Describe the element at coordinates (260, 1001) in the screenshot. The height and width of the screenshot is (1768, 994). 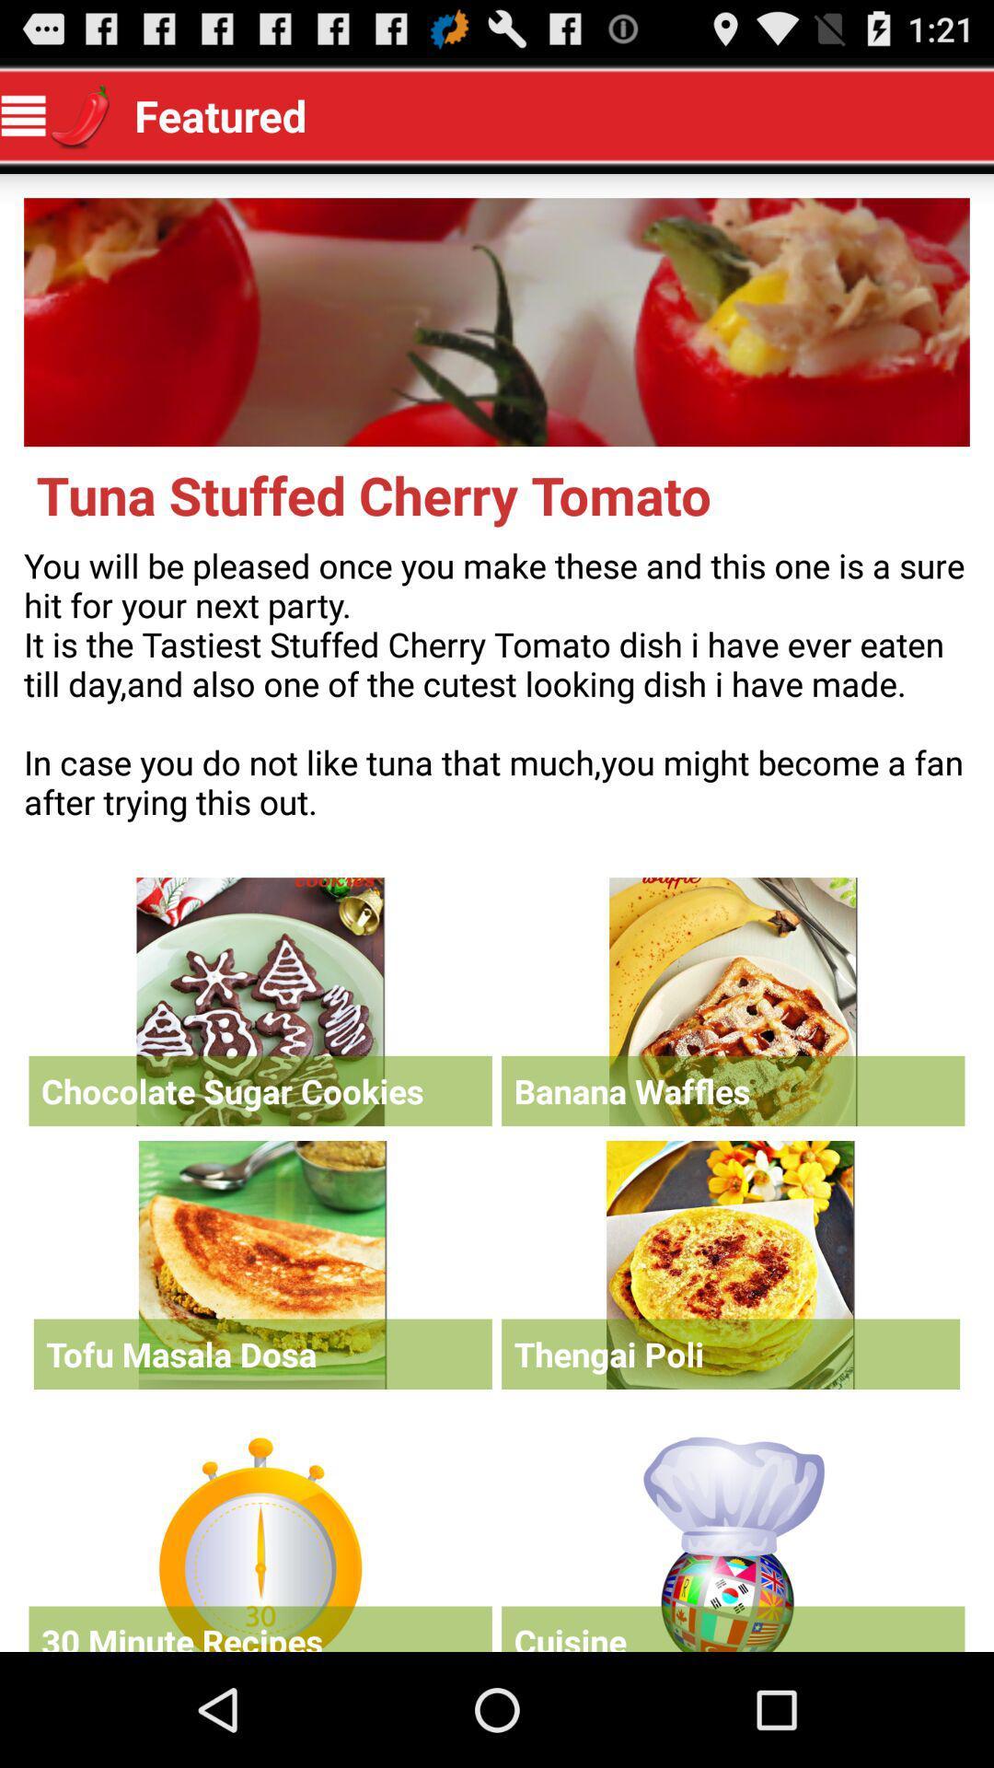
I see `recipe selection` at that location.